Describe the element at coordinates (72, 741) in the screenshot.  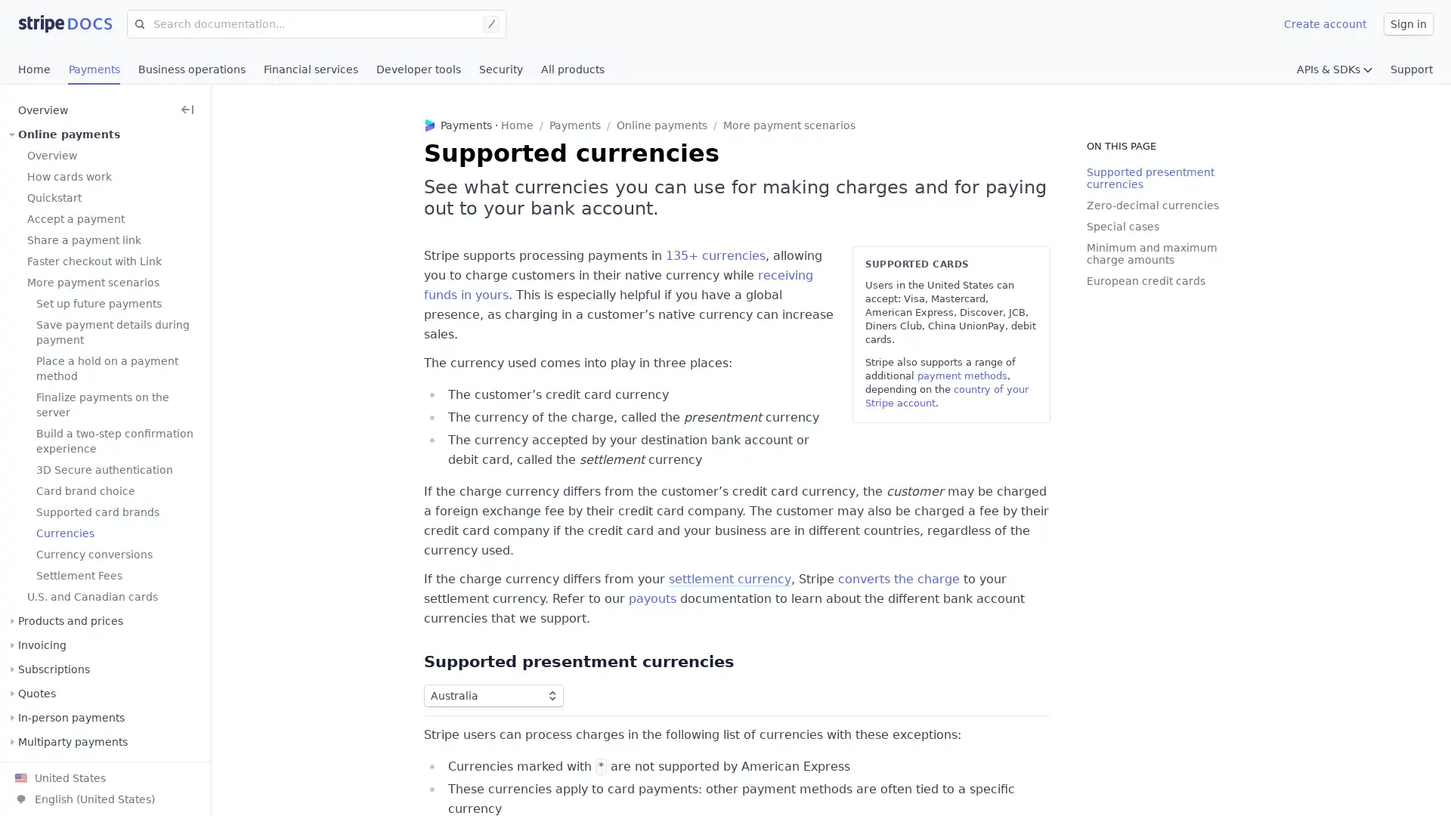
I see `Multiparty payments` at that location.